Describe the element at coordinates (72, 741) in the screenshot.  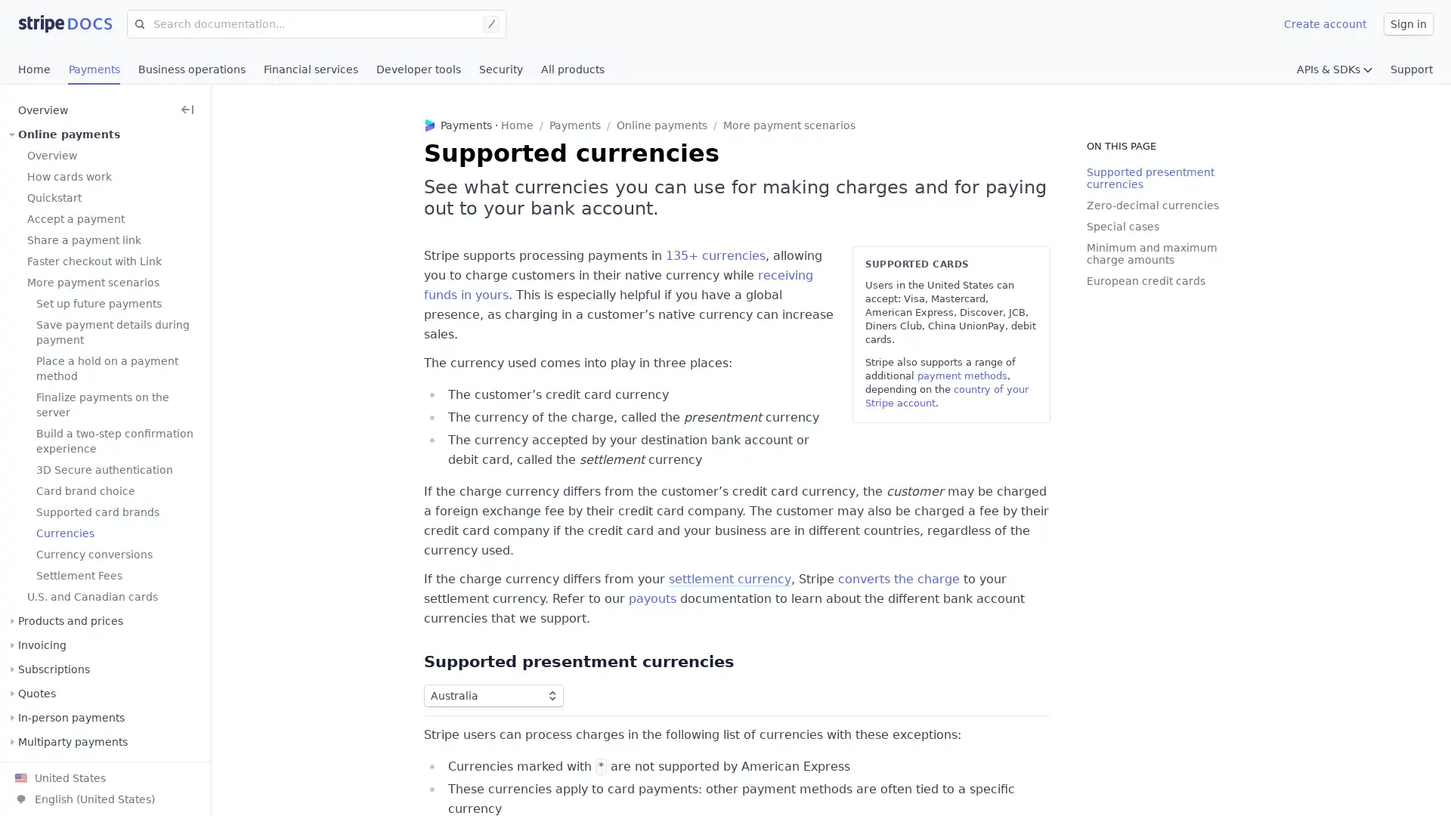
I see `Multiparty payments` at that location.